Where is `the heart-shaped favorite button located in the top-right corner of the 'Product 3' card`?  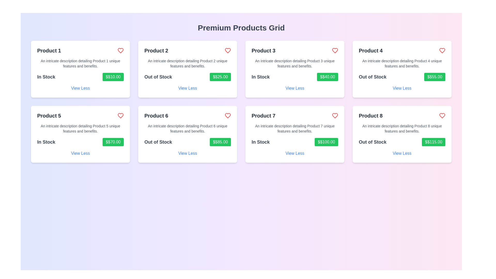 the heart-shaped favorite button located in the top-right corner of the 'Product 3' card is located at coordinates (335, 51).